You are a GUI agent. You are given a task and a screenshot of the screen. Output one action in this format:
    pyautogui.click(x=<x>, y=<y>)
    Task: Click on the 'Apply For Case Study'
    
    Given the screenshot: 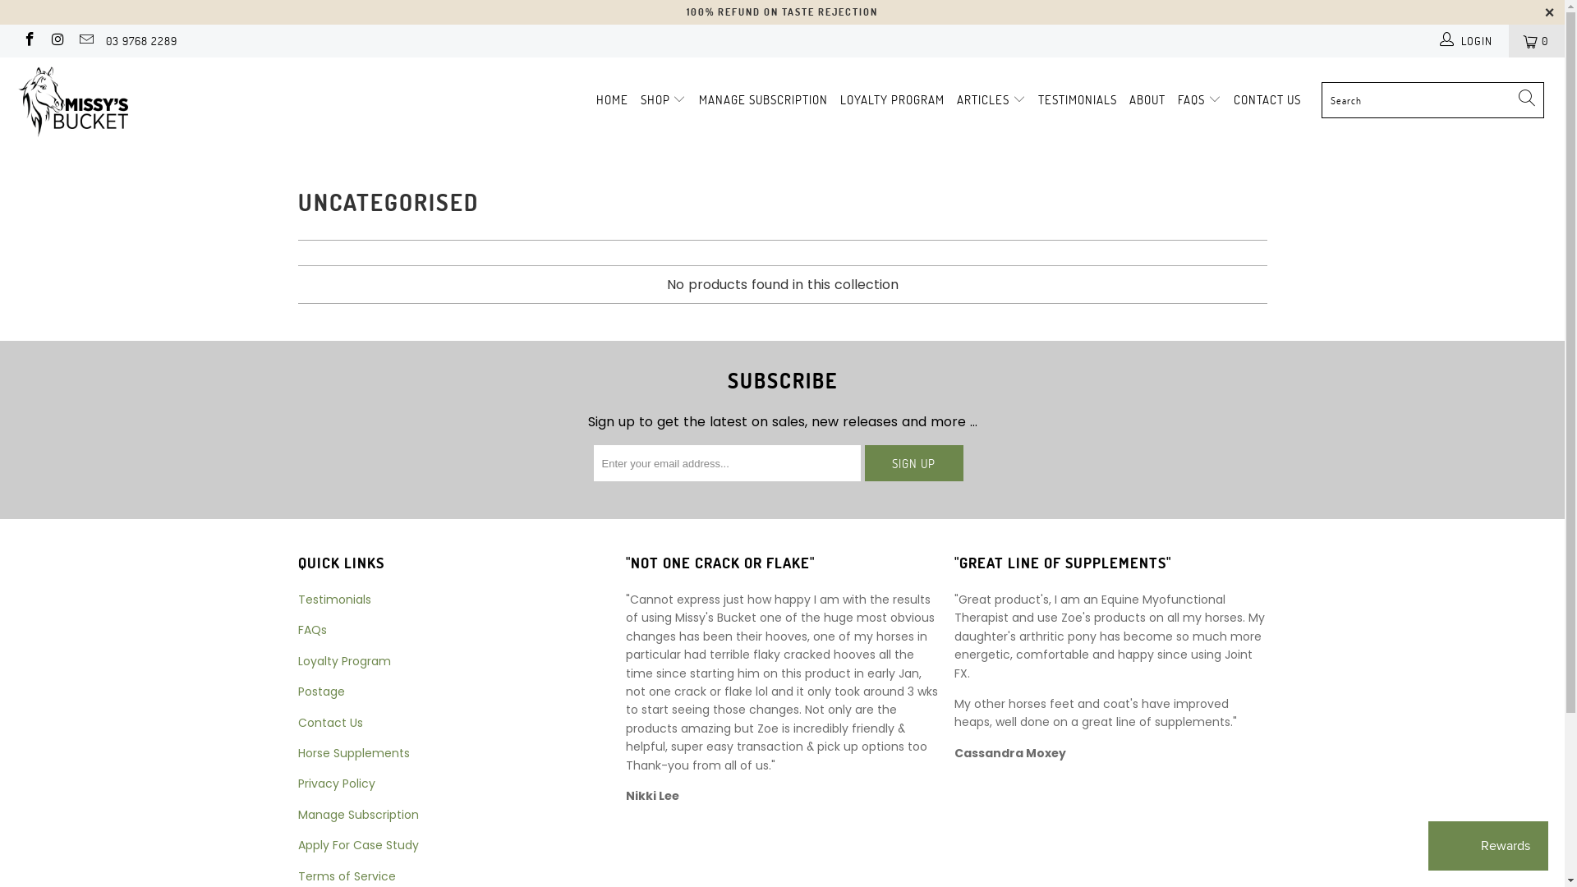 What is the action you would take?
    pyautogui.click(x=297, y=845)
    